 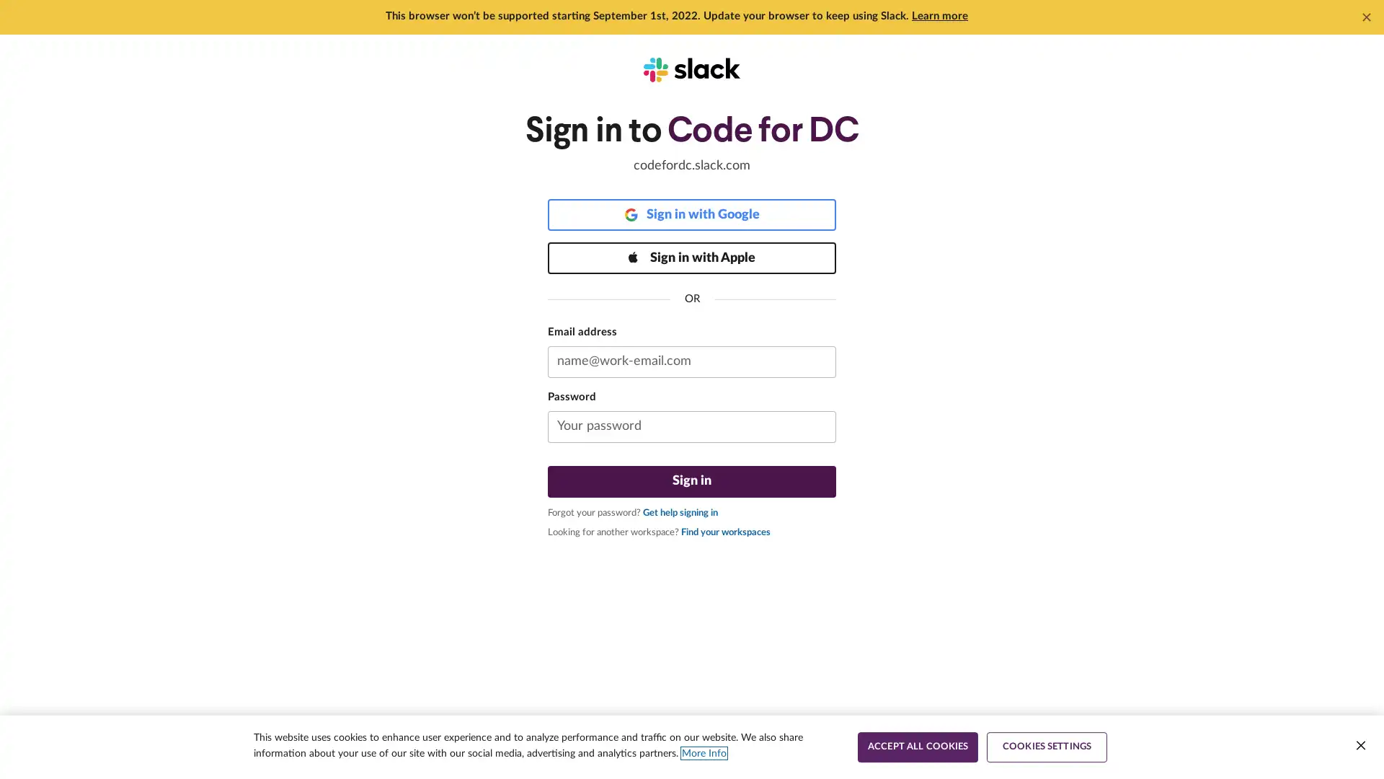 What do you see at coordinates (917, 747) in the screenshot?
I see `ACCEPT ALL COOKIES` at bounding box center [917, 747].